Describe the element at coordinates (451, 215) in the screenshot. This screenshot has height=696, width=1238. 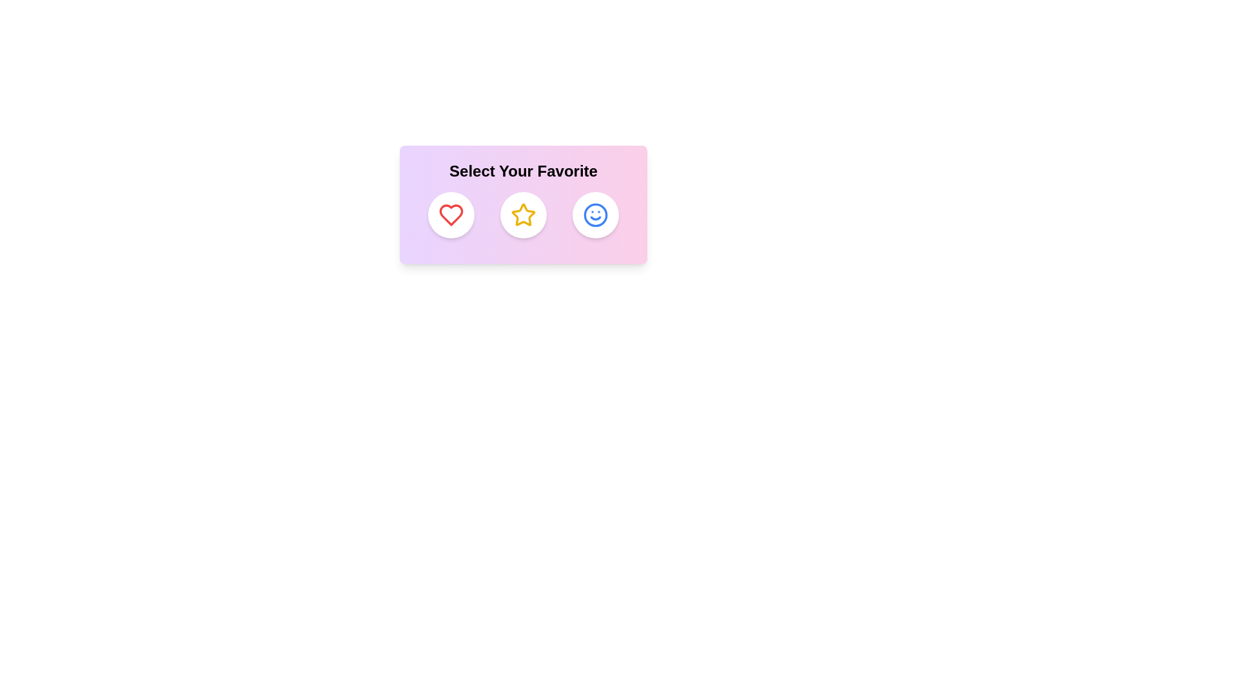
I see `the favorite option by clicking on the Heart button` at that location.